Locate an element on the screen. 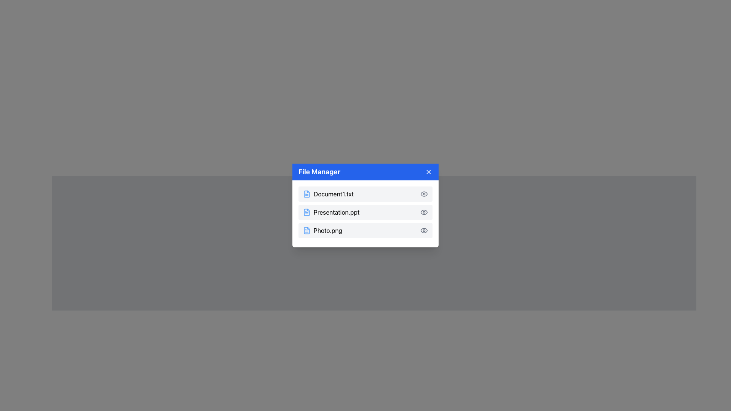 Image resolution: width=731 pixels, height=411 pixels. the text label 'Presentation.ppt' is located at coordinates (336, 212).